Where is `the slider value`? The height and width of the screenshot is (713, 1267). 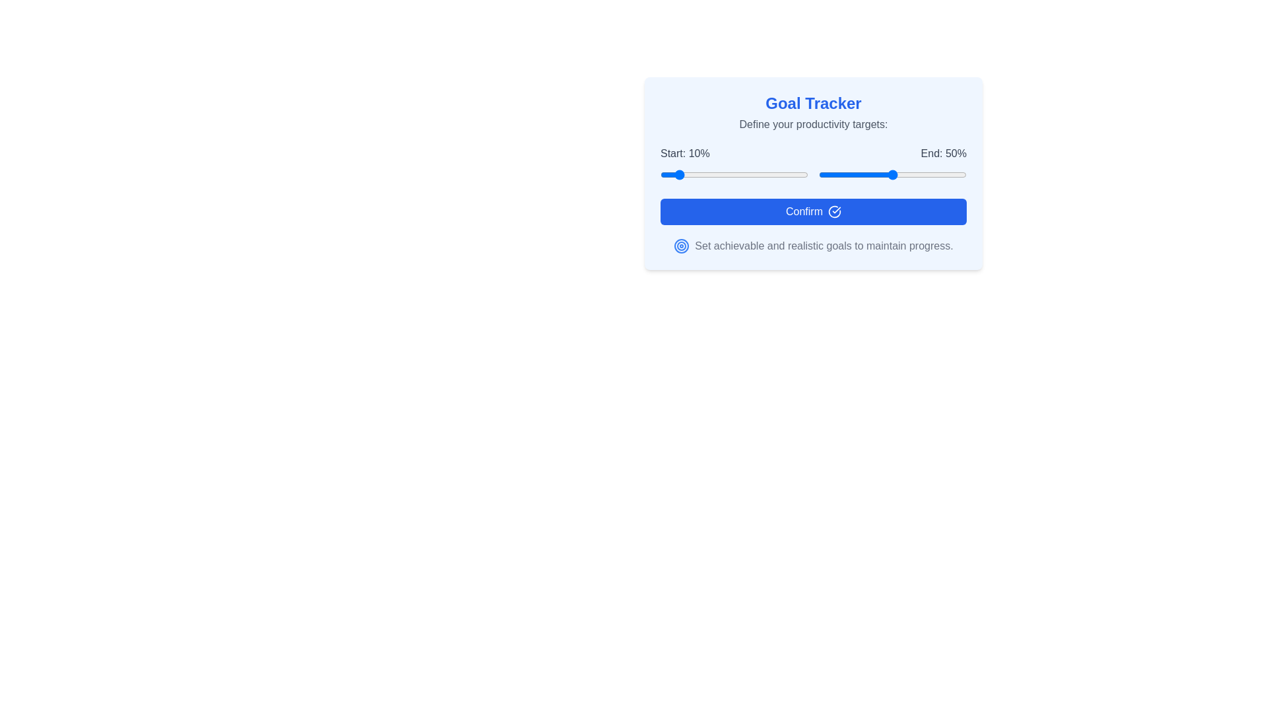
the slider value is located at coordinates (726, 174).